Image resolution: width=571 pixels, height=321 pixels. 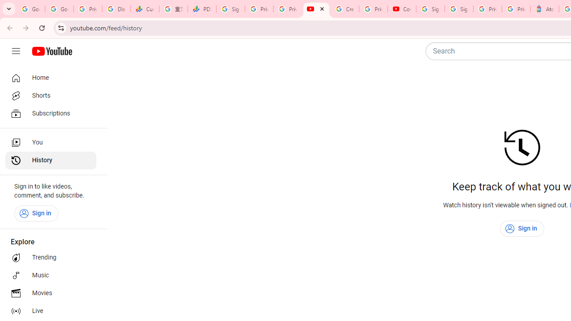 I want to click on 'Sign in - Google Accounts', so click(x=459, y=9).